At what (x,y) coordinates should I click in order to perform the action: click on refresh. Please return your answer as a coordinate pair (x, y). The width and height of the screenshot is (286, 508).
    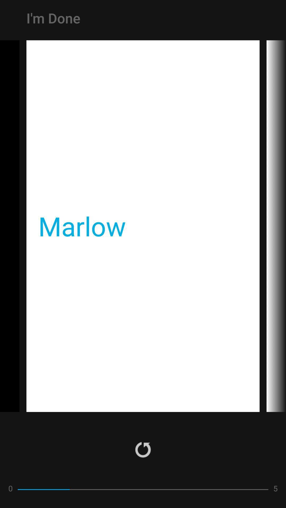
    Looking at the image, I should click on (143, 449).